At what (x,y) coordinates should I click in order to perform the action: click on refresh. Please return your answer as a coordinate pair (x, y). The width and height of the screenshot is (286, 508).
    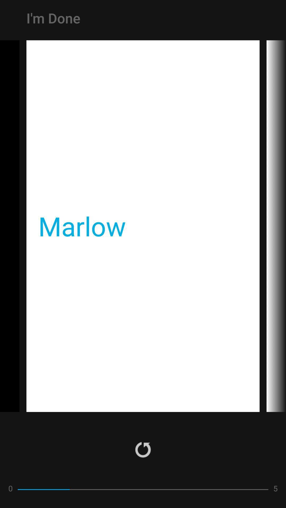
    Looking at the image, I should click on (143, 449).